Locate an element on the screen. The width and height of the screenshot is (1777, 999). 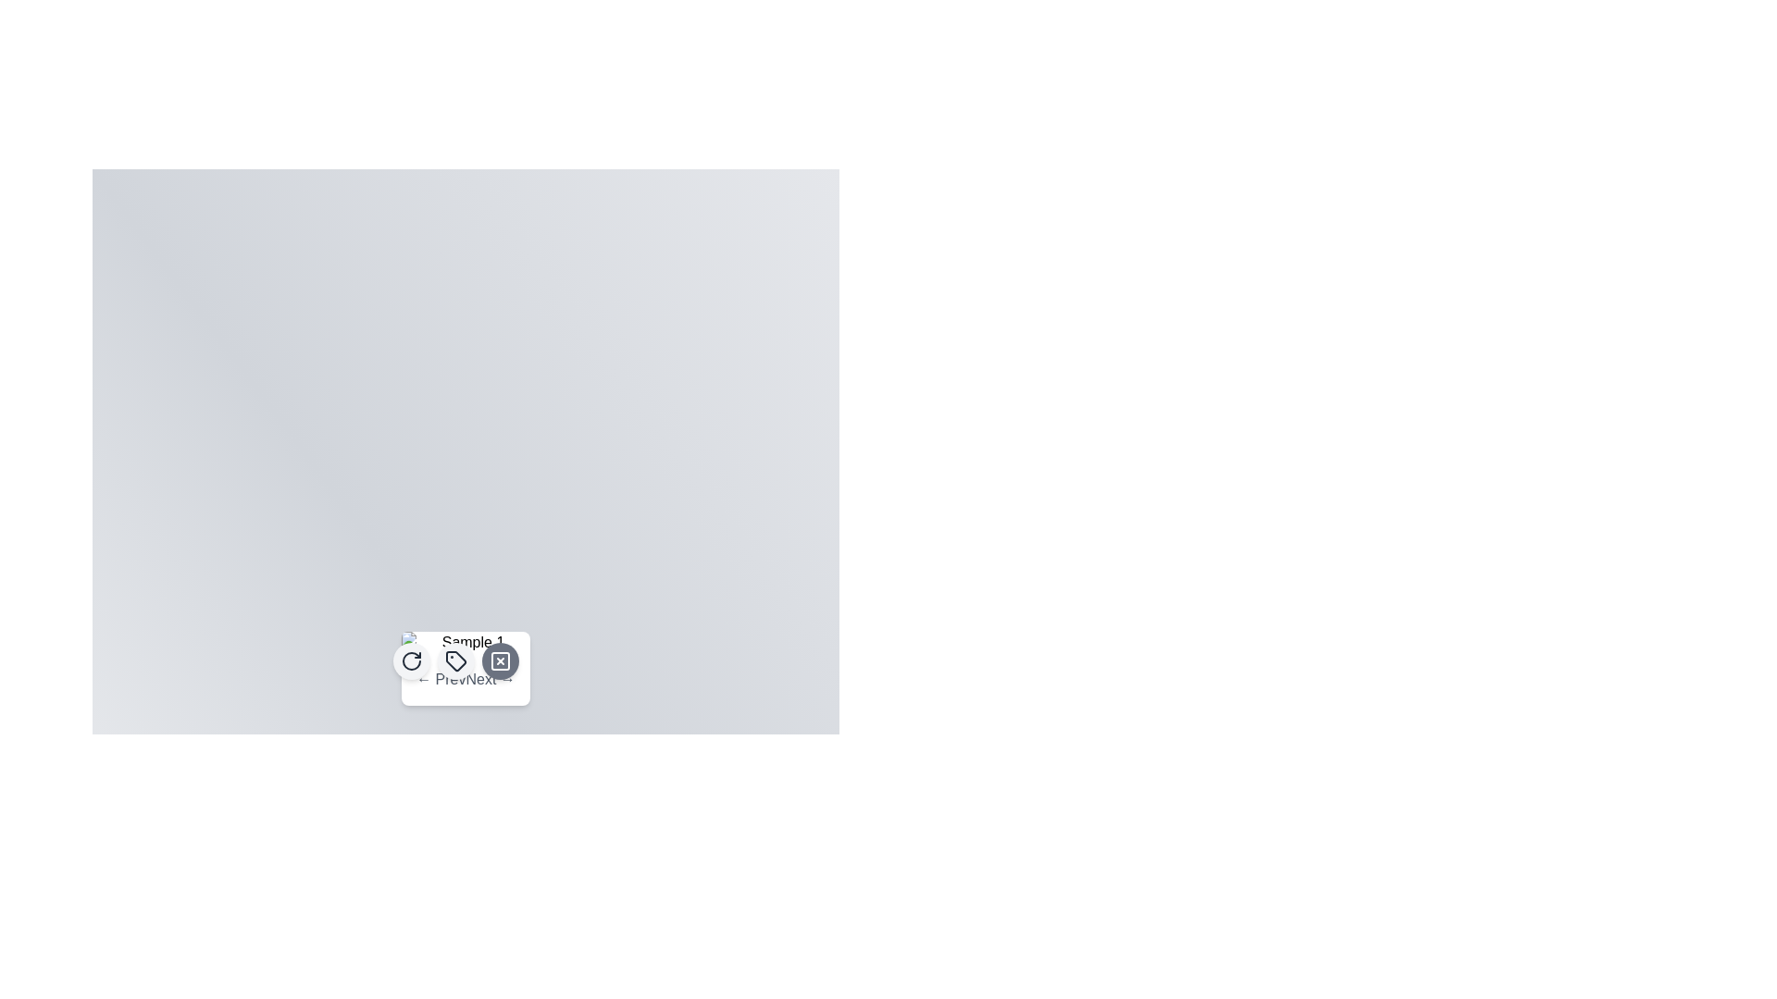
the second circular icon in the top-right section of the white rectangular area is located at coordinates (455, 660).